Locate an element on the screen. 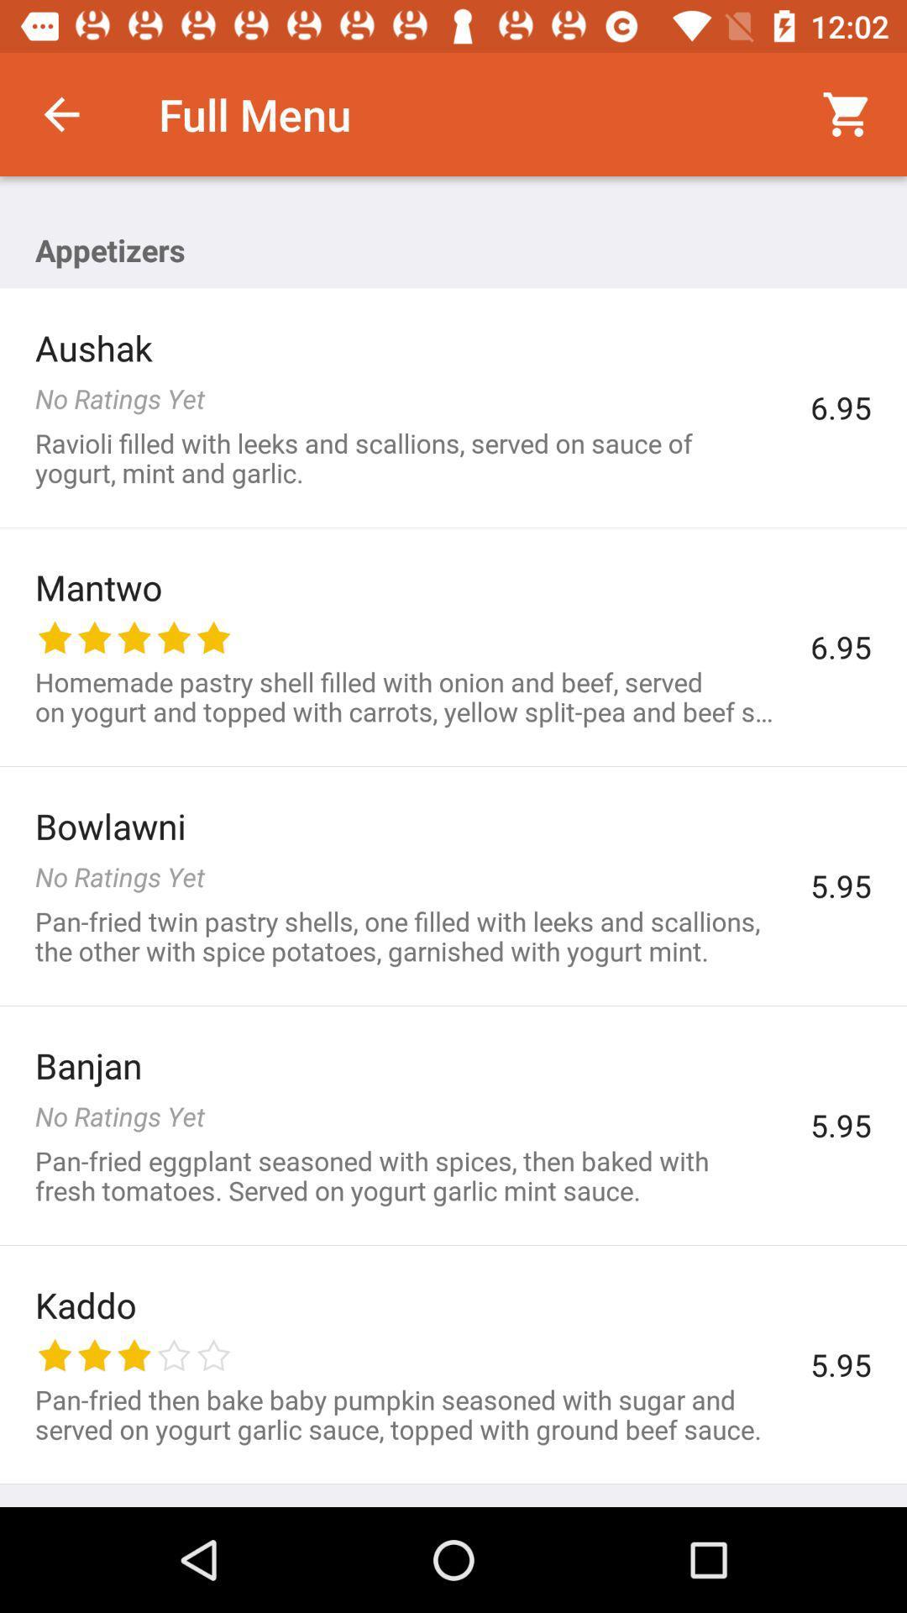 The image size is (907, 1613). the icon above the aushak icon is located at coordinates (60, 113).